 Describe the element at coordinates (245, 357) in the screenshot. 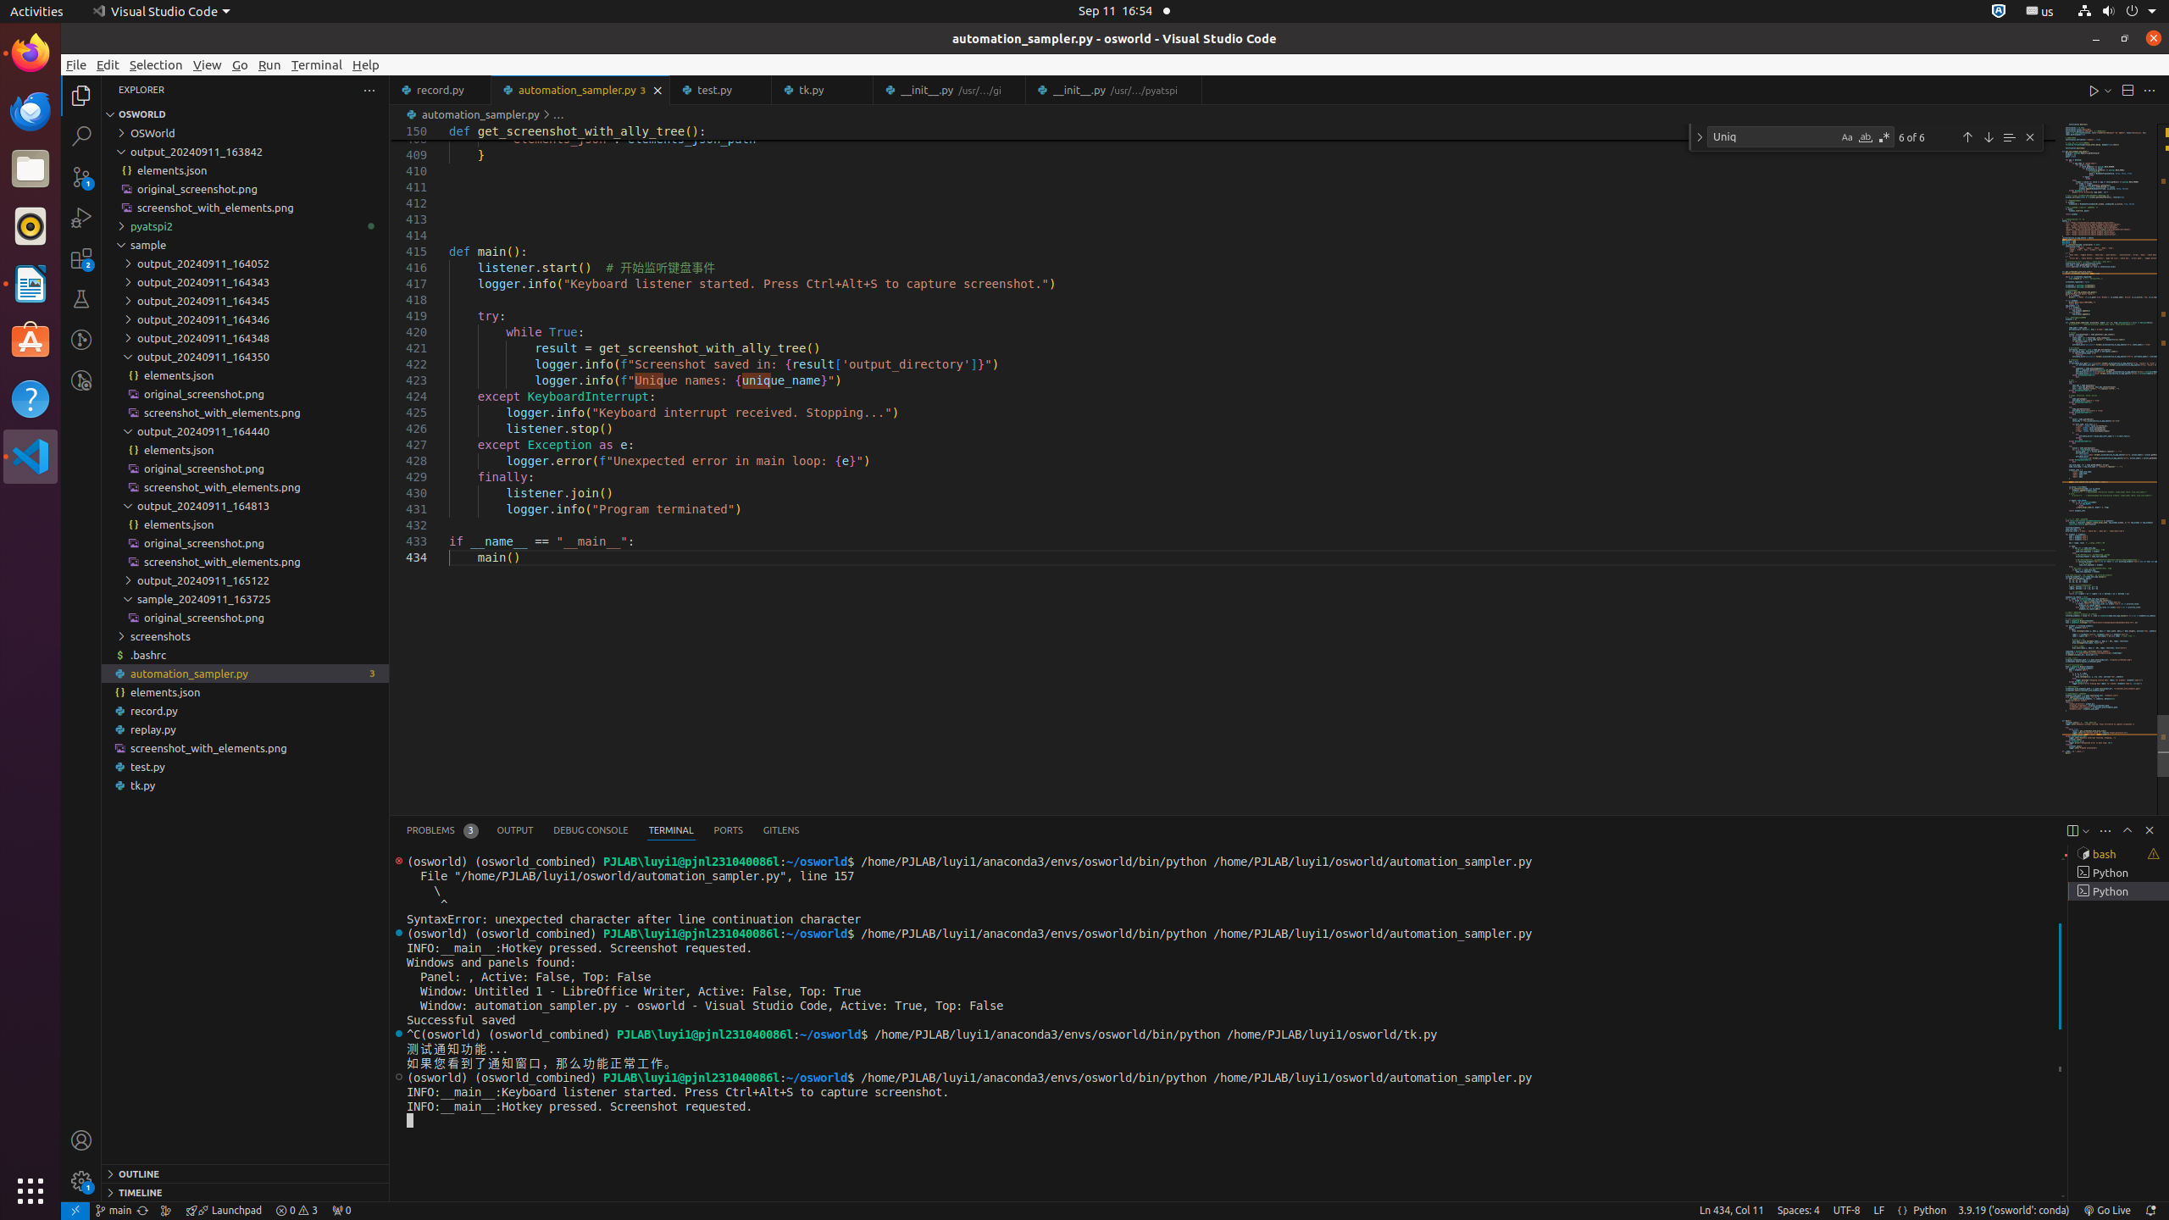

I see `'output_20240911_164350'` at that location.